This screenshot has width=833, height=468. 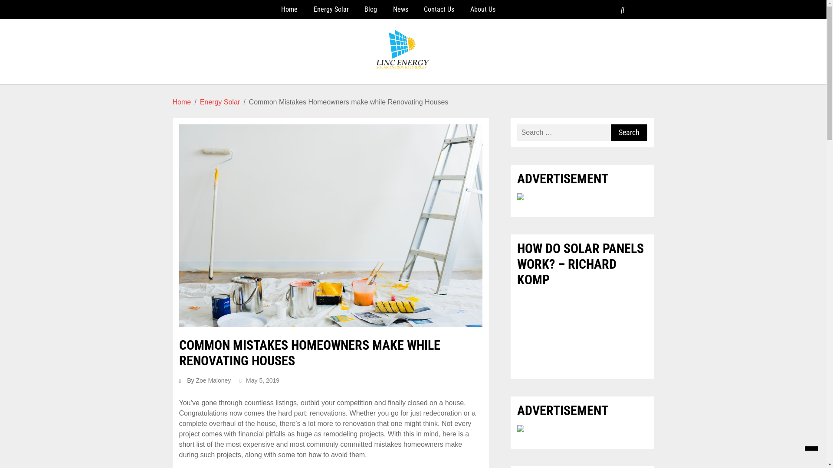 I want to click on 'News', so click(x=400, y=10).